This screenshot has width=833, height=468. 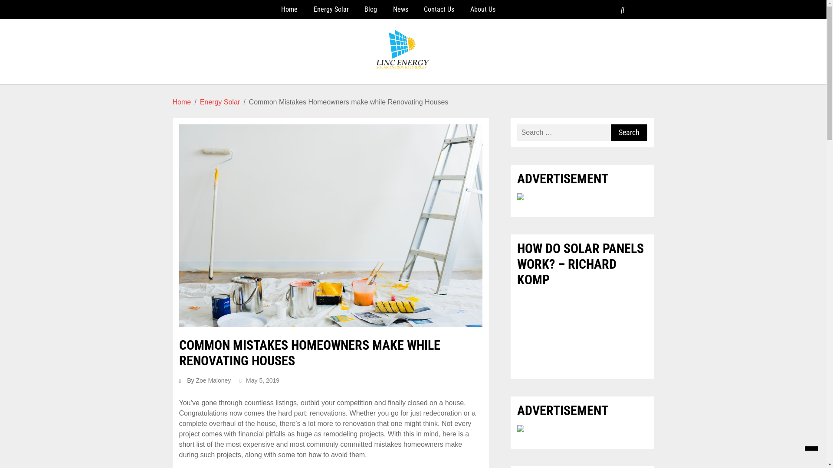 I want to click on 'News', so click(x=400, y=10).